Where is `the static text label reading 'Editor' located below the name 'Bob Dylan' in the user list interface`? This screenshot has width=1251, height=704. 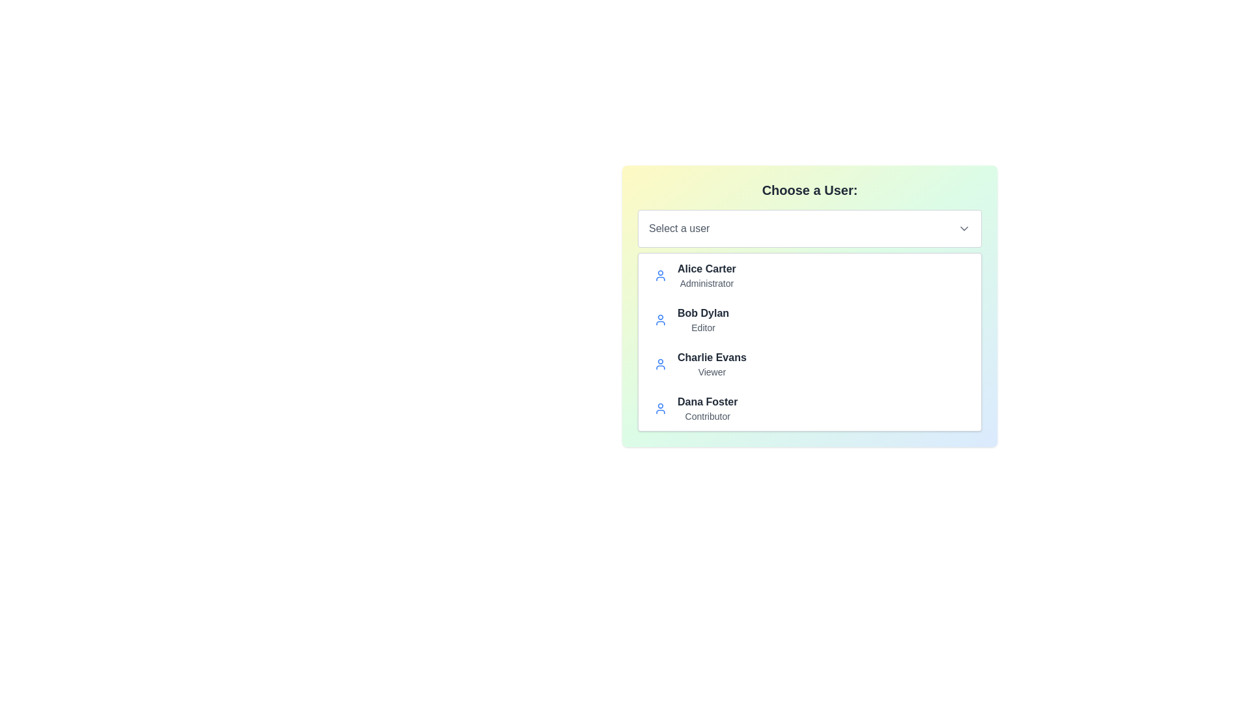
the static text label reading 'Editor' located below the name 'Bob Dylan' in the user list interface is located at coordinates (702, 327).